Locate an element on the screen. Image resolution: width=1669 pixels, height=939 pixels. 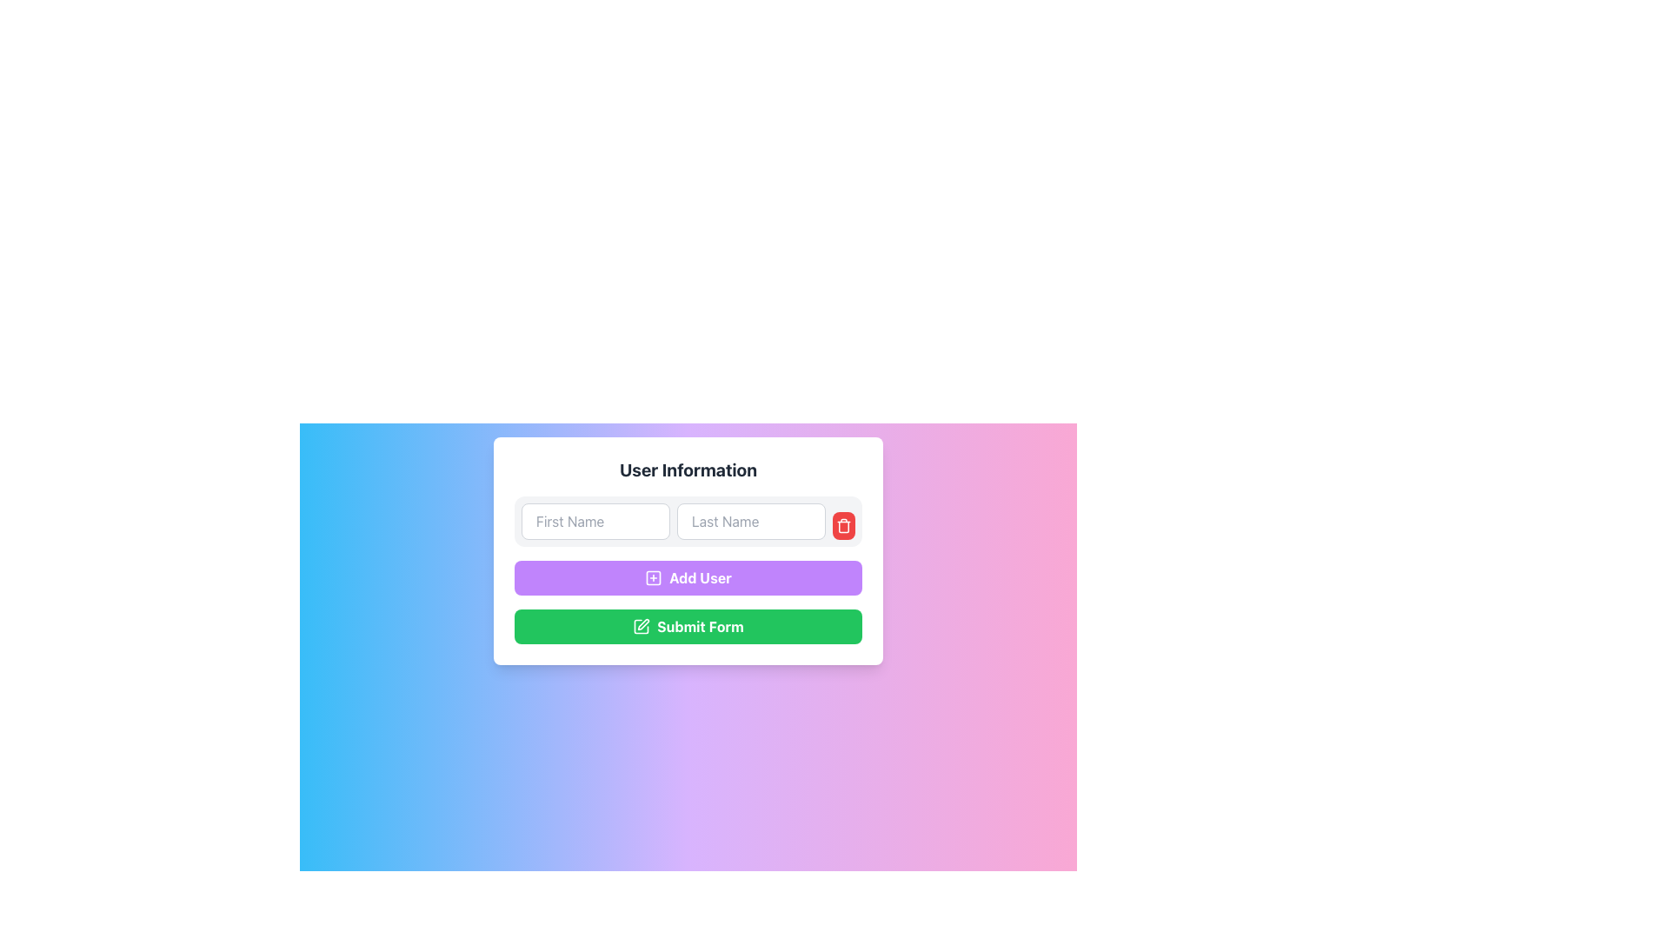
the text input field labeled 'Last Name' to select any entered text is located at coordinates (751, 521).